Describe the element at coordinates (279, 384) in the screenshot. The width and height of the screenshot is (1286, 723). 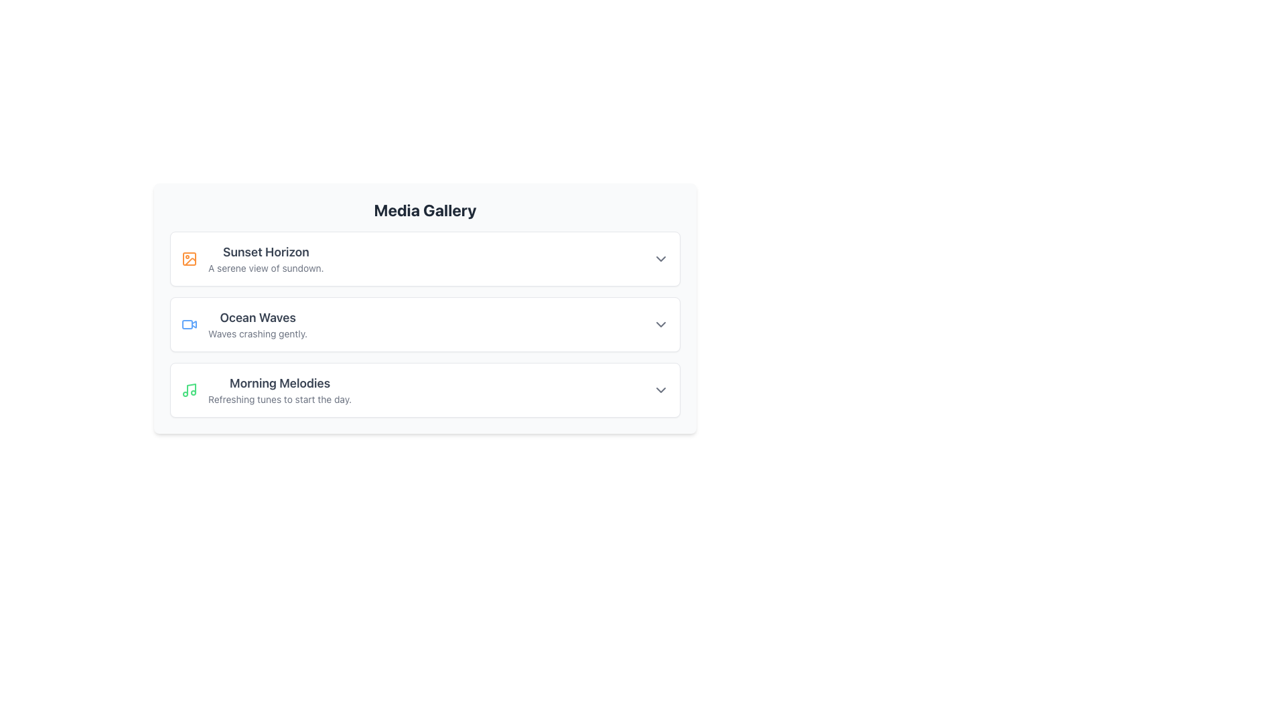
I see `the static text label 'Morning Melodies' which is styled with a larger font size and bold weight, positioned above the subtitle and aligned with a green music icon` at that location.